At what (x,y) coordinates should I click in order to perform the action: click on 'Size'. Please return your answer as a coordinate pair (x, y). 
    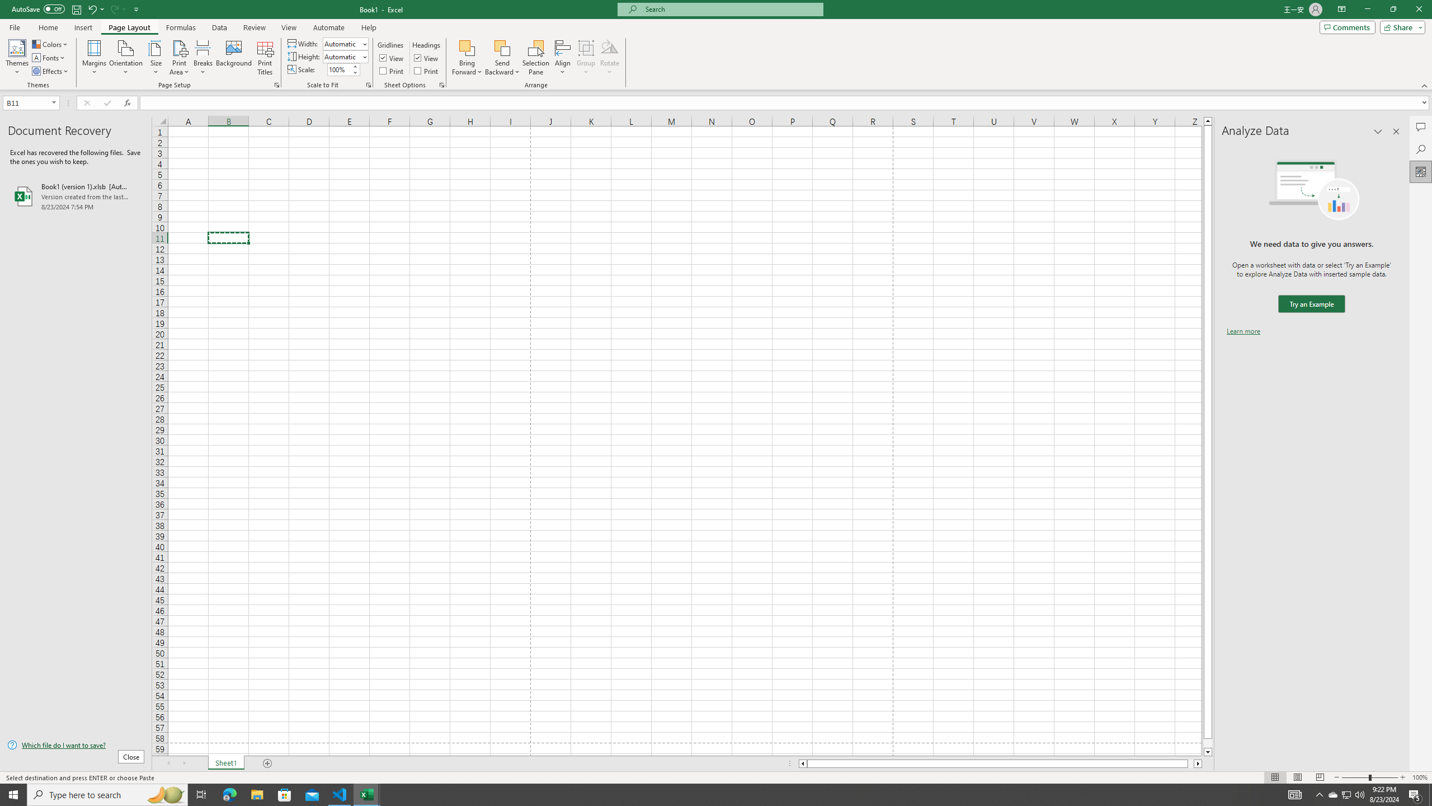
    Looking at the image, I should click on (156, 58).